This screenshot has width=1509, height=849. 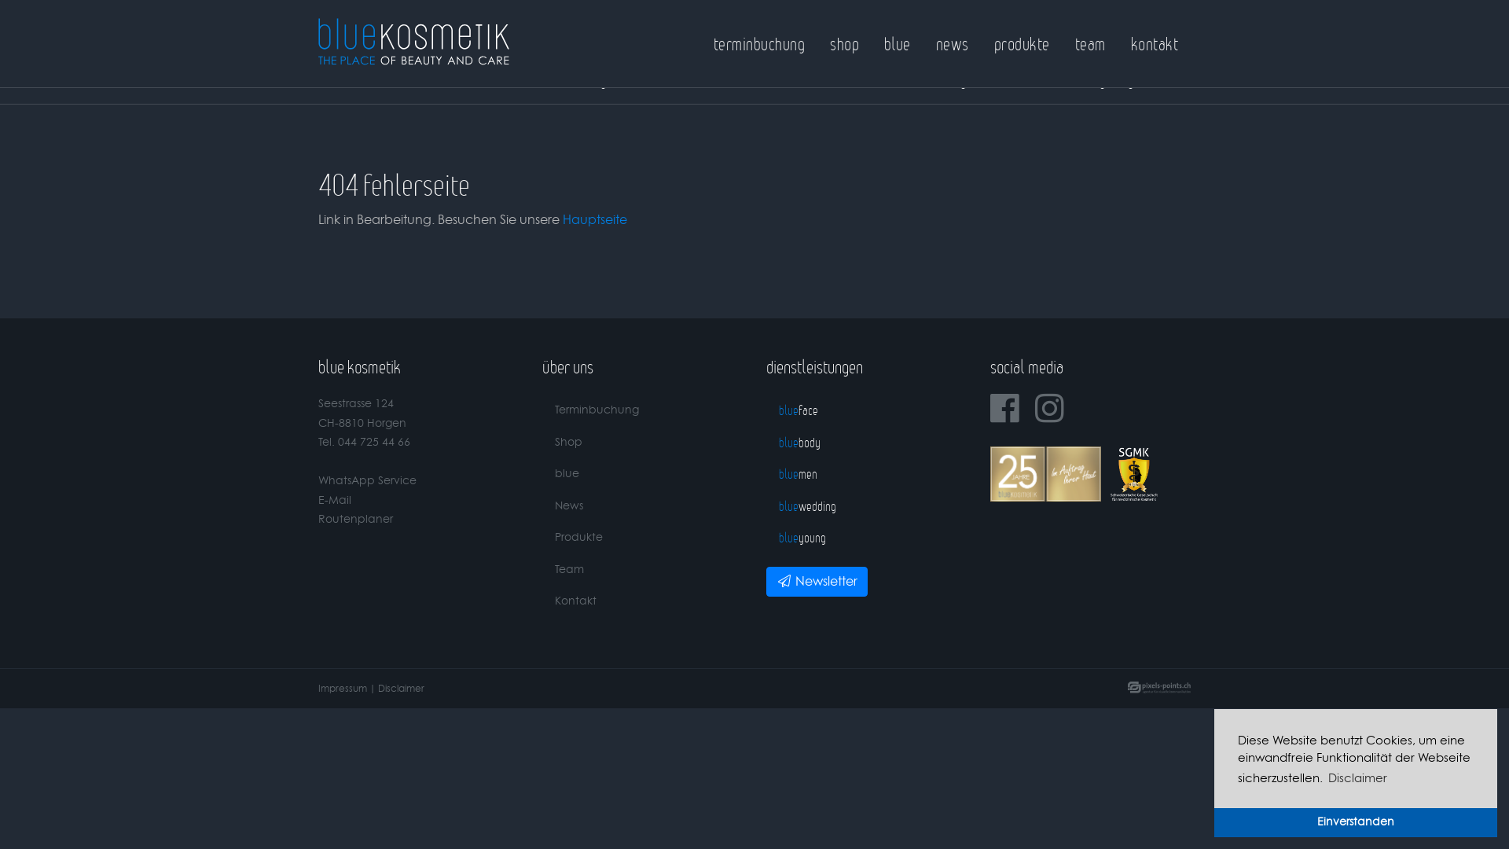 I want to click on 'bluemen', so click(x=766, y=473).